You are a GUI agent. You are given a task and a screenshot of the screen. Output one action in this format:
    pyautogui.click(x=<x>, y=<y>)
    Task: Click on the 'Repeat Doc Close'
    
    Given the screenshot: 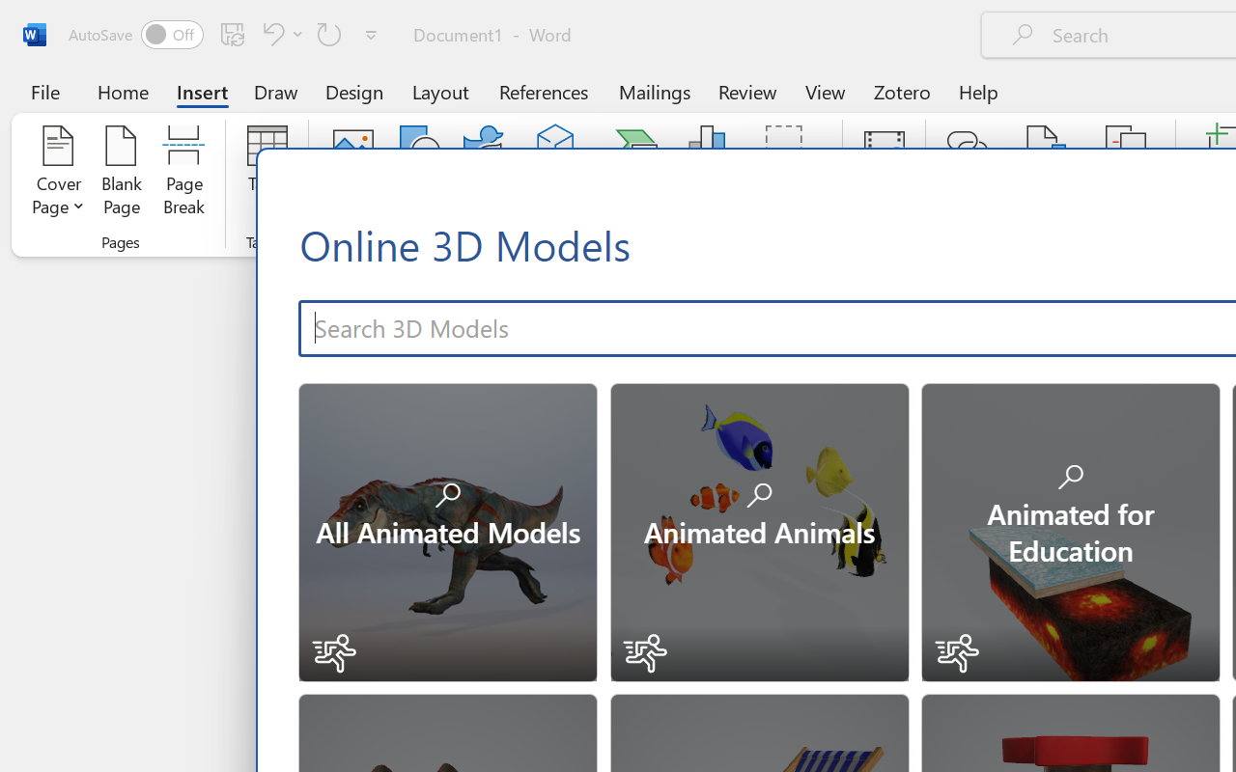 What is the action you would take?
    pyautogui.click(x=329, y=33)
    